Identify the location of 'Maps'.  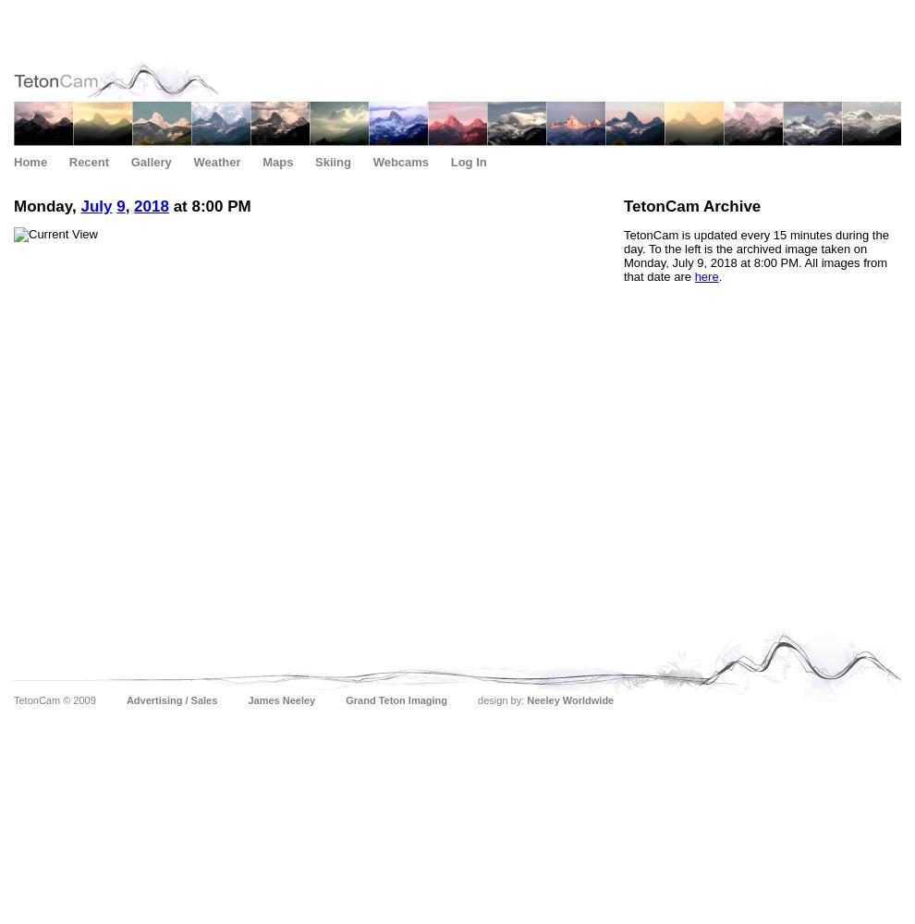
(276, 162).